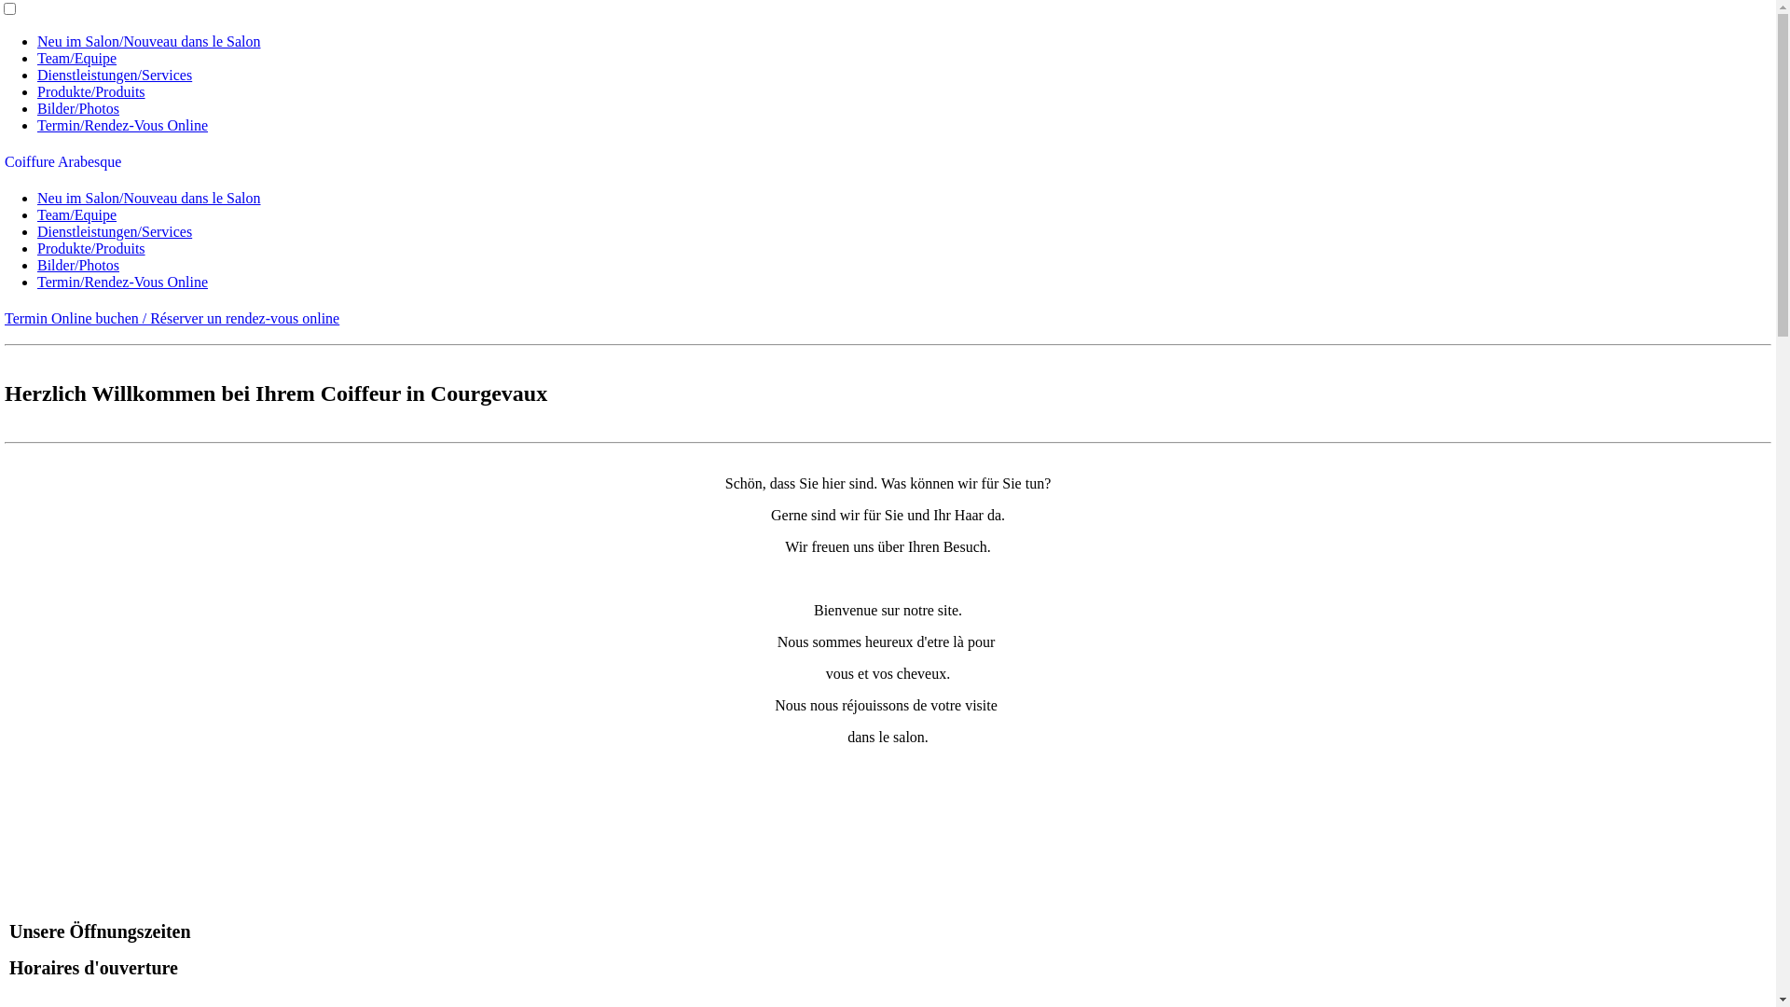 The image size is (1790, 1007). I want to click on 'Neu im Salon/Nouveau dans le Salon', so click(147, 198).